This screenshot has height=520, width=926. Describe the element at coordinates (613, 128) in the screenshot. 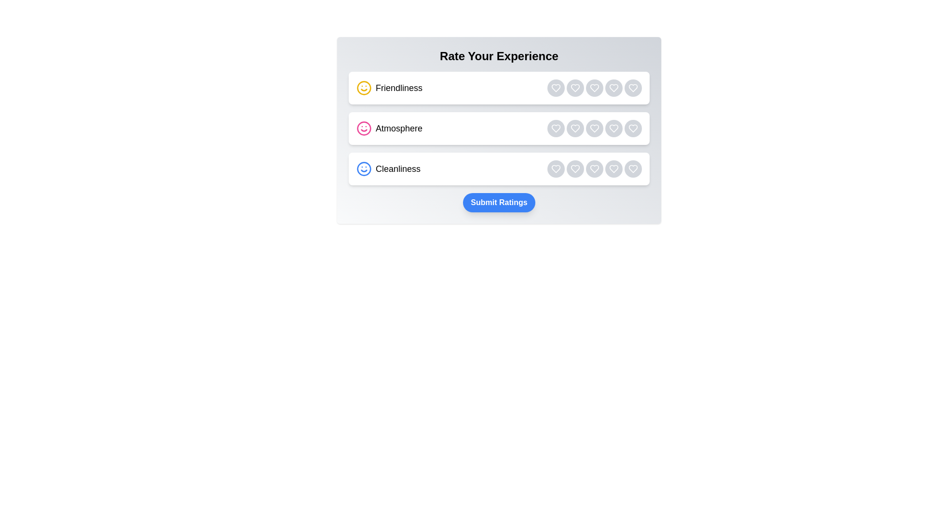

I see `the rating button for category Atmosphere with rating 4` at that location.